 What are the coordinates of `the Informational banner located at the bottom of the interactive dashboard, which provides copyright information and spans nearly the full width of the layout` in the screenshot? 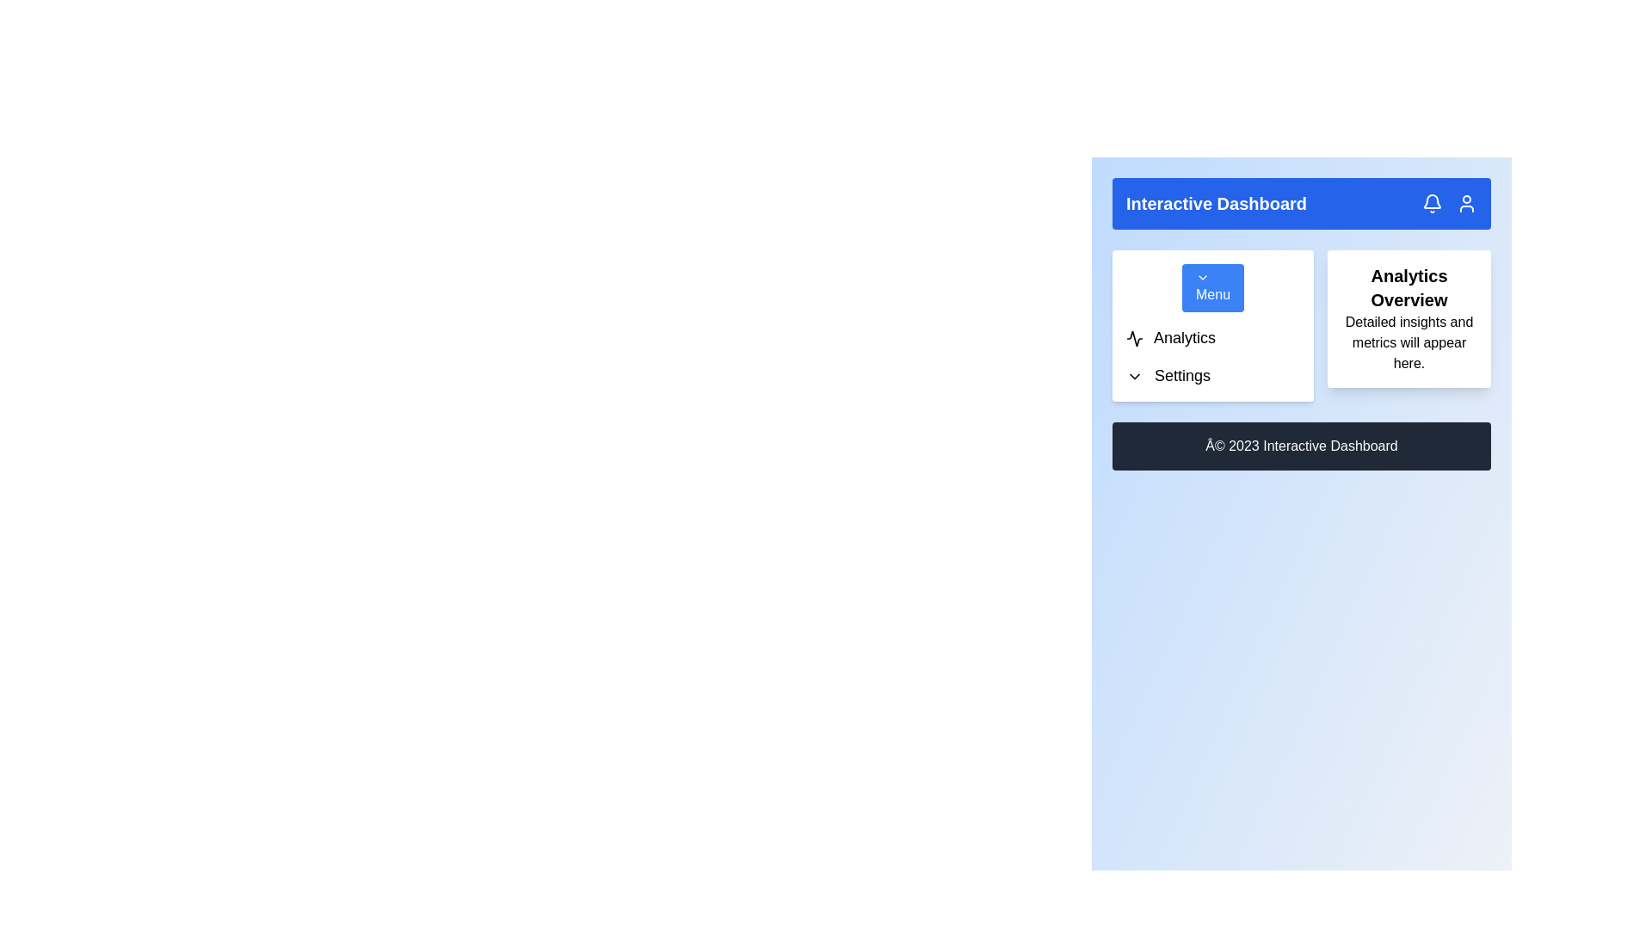 It's located at (1301, 446).